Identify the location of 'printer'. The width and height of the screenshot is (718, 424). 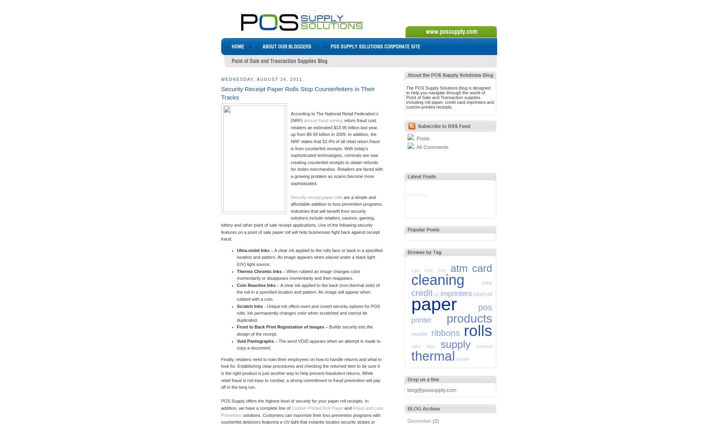
(421, 319).